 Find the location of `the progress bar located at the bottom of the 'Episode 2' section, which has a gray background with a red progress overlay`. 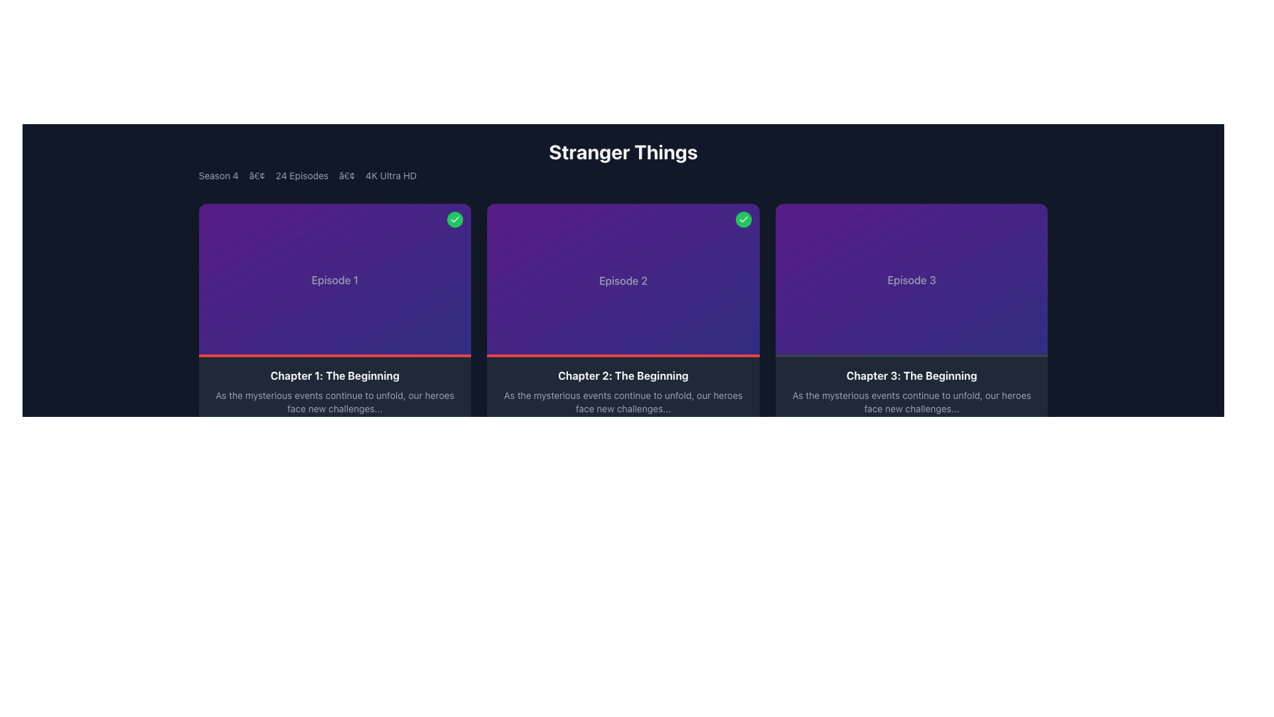

the progress bar located at the bottom of the 'Episode 2' section, which has a gray background with a red progress overlay is located at coordinates (622, 355).